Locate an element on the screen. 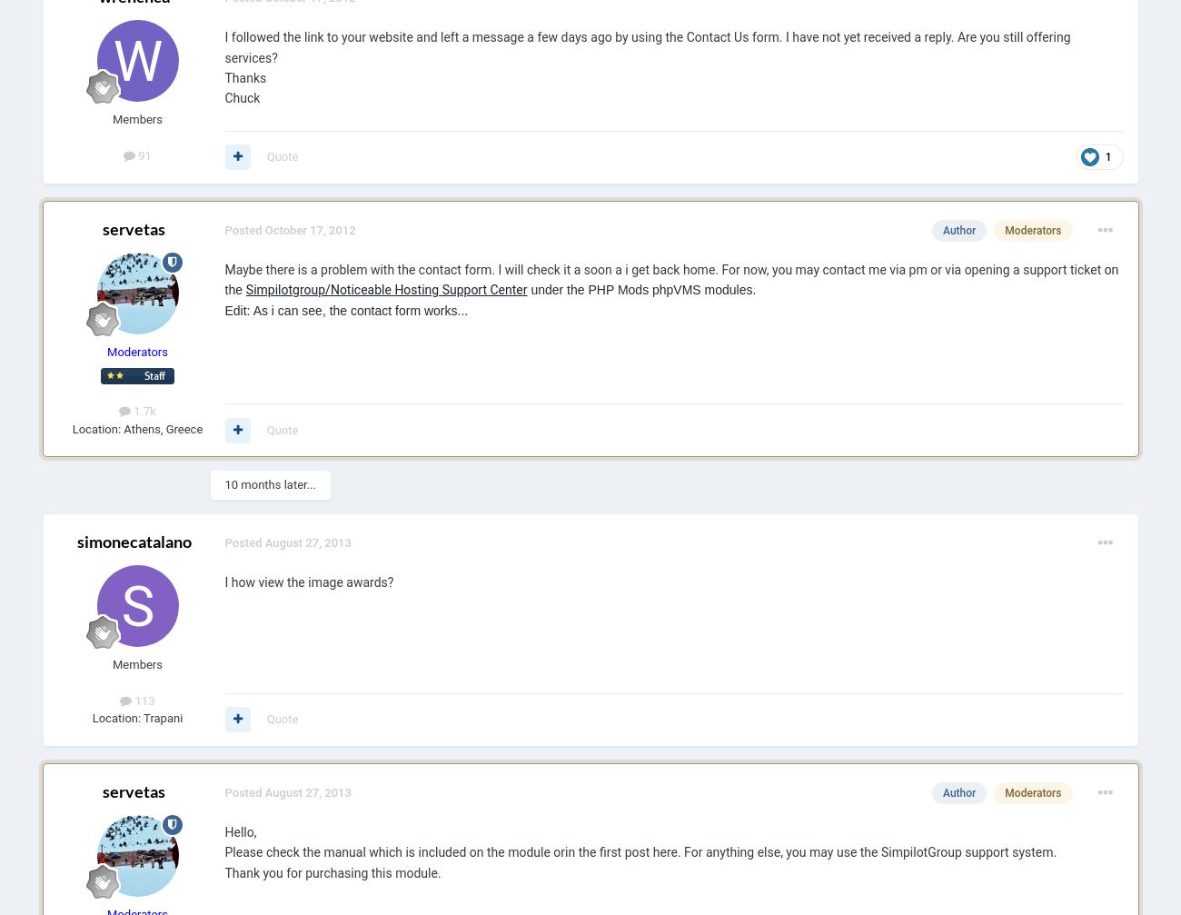 This screenshot has width=1181, height=915. '1.7k' is located at coordinates (142, 411).